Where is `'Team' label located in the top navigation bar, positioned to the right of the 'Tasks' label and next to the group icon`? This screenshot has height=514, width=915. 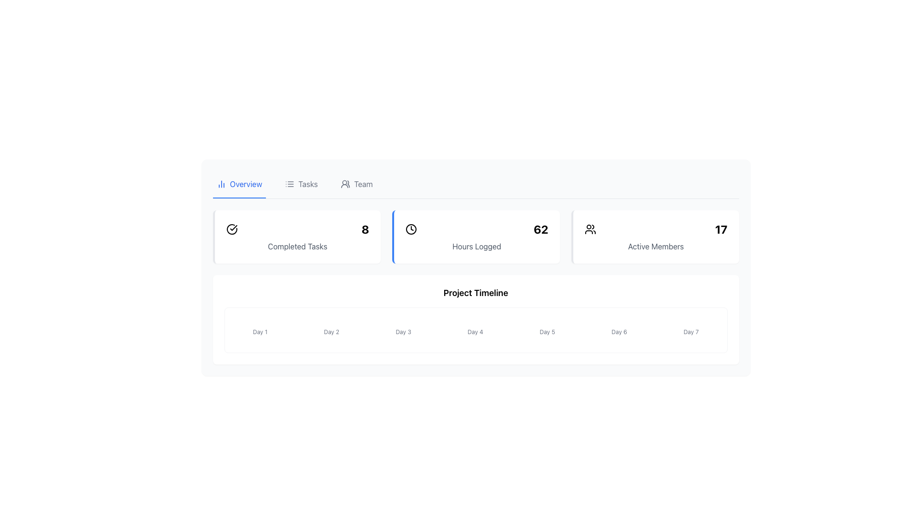
'Team' label located in the top navigation bar, positioned to the right of the 'Tasks' label and next to the group icon is located at coordinates (363, 184).